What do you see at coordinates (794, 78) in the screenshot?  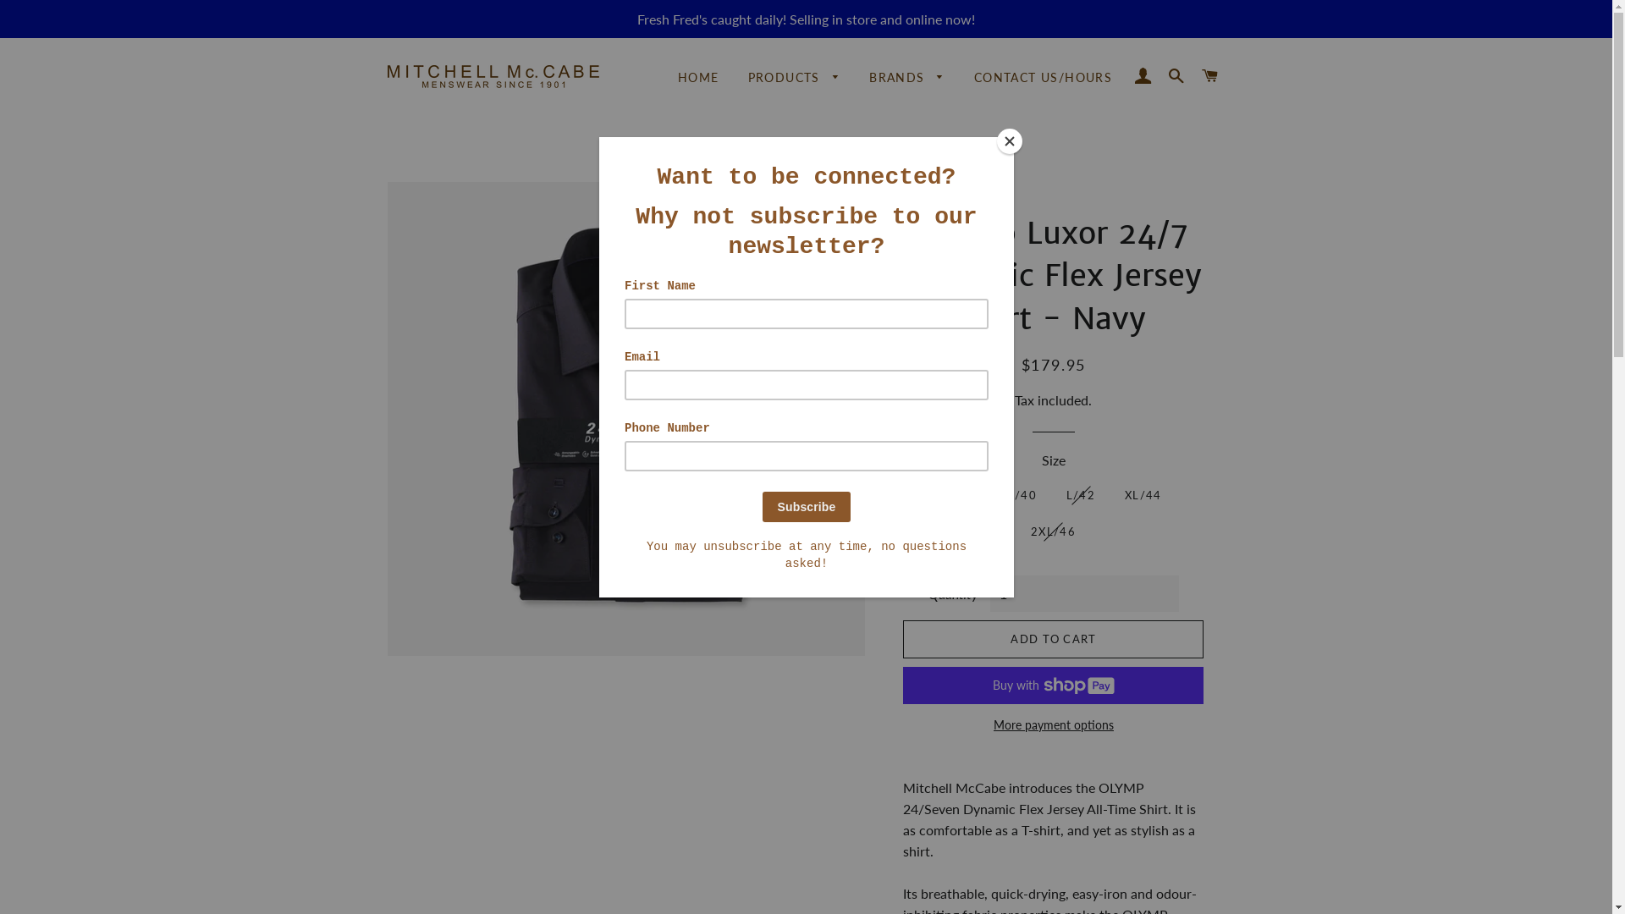 I see `'PRODUCTS'` at bounding box center [794, 78].